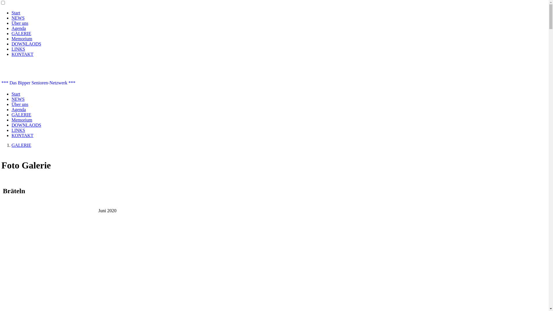 The height and width of the screenshot is (311, 553). Describe the element at coordinates (11, 94) in the screenshot. I see `'Start'` at that location.